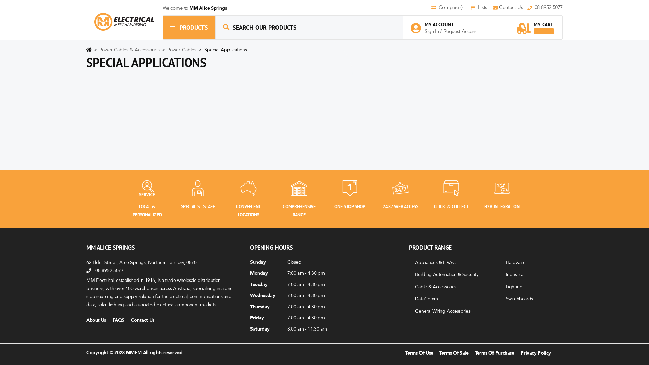  What do you see at coordinates (130, 49) in the screenshot?
I see `'Power Cables & Accessories'` at bounding box center [130, 49].